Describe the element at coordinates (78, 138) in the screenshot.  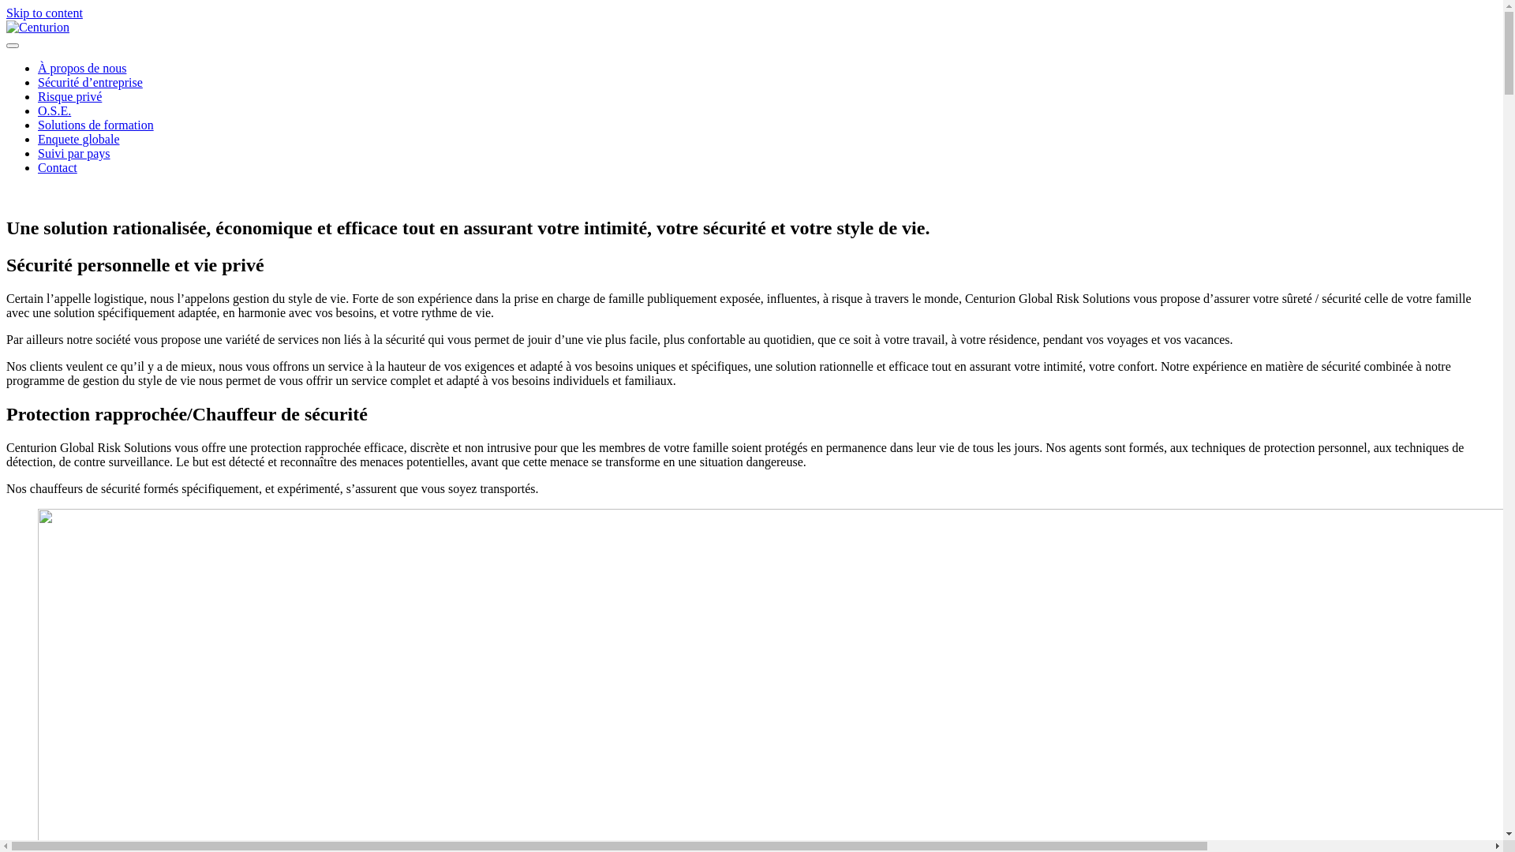
I see `'Enquete globale'` at that location.